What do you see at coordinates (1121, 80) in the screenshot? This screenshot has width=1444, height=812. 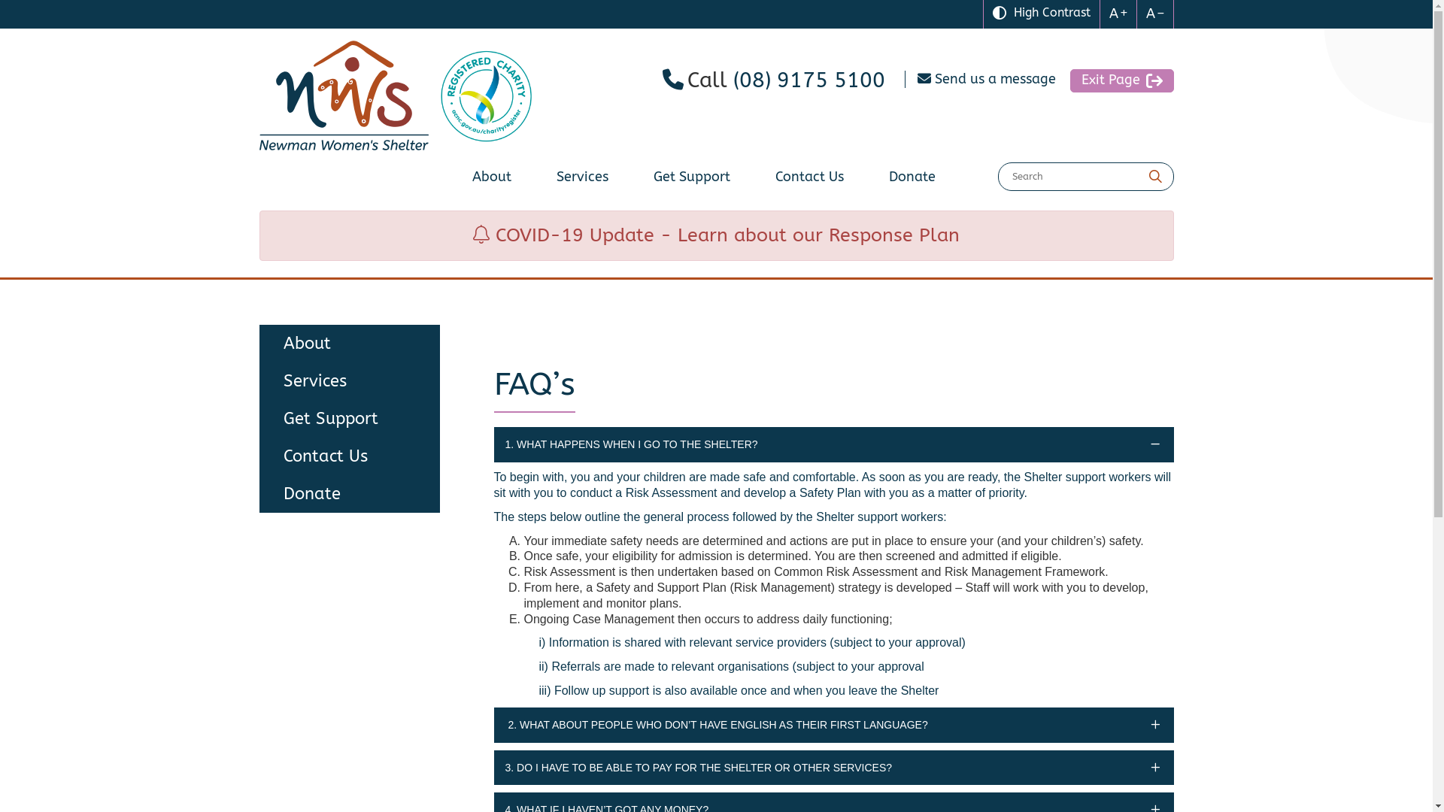 I see `'Exit Page'` at bounding box center [1121, 80].